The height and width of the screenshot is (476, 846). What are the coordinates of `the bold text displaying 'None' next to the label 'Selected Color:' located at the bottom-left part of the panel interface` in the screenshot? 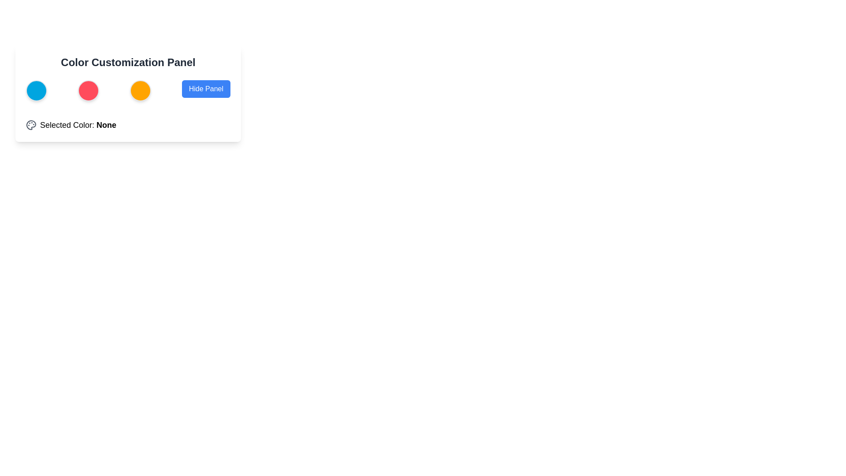 It's located at (106, 125).